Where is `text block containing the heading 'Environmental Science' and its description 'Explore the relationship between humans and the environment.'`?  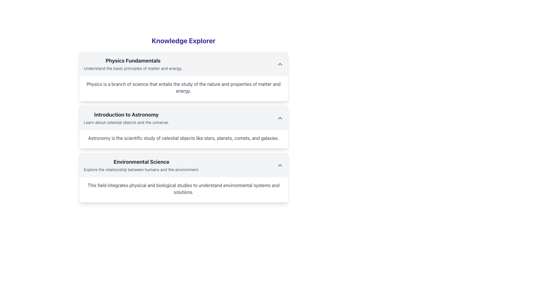 text block containing the heading 'Environmental Science' and its description 'Explore the relationship between humans and the environment.' is located at coordinates (141, 165).